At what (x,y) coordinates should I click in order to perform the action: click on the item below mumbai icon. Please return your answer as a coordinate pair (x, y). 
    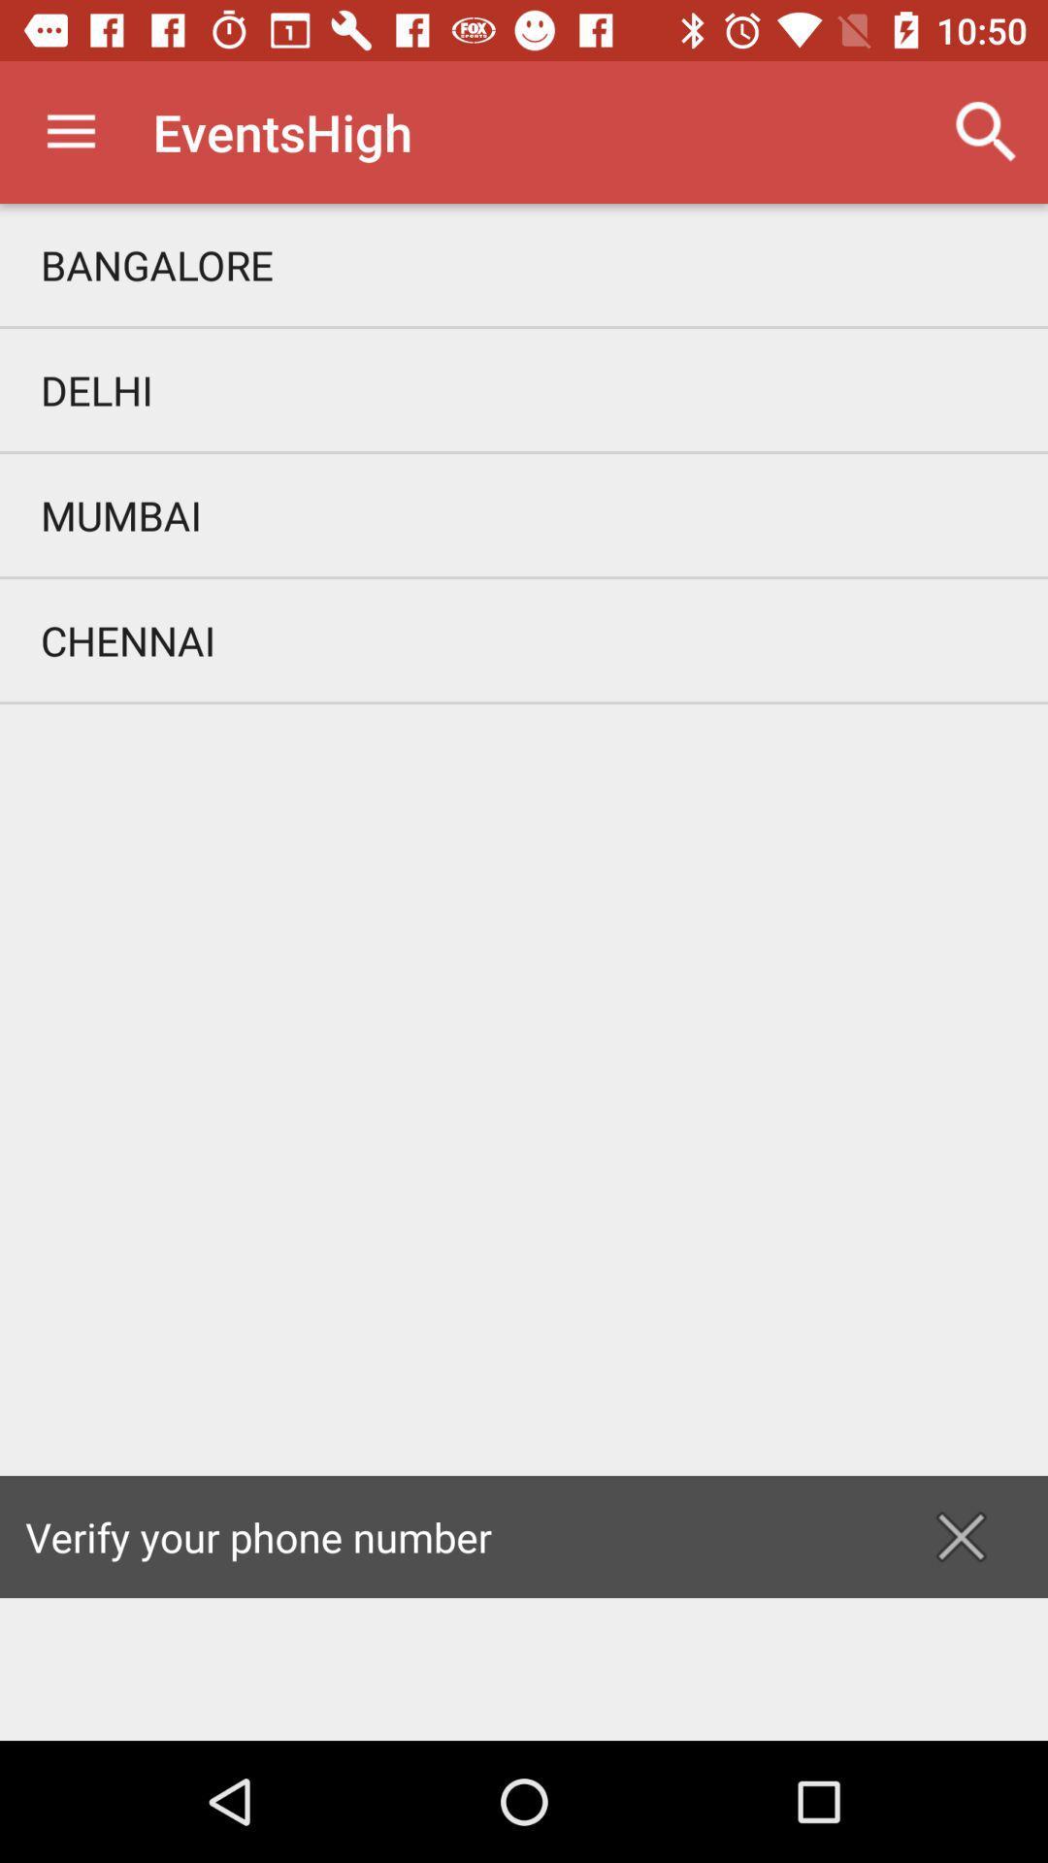
    Looking at the image, I should click on (524, 640).